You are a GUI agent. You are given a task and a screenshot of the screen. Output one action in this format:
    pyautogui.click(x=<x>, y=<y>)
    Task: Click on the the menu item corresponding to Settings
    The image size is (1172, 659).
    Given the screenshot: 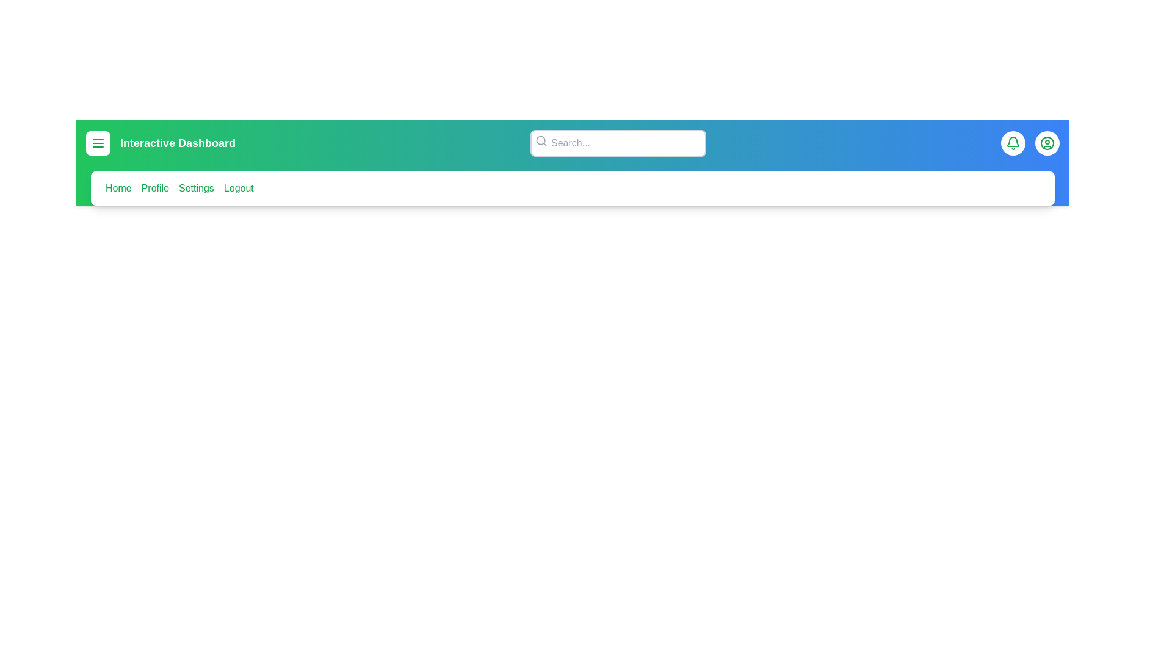 What is the action you would take?
    pyautogui.click(x=196, y=188)
    